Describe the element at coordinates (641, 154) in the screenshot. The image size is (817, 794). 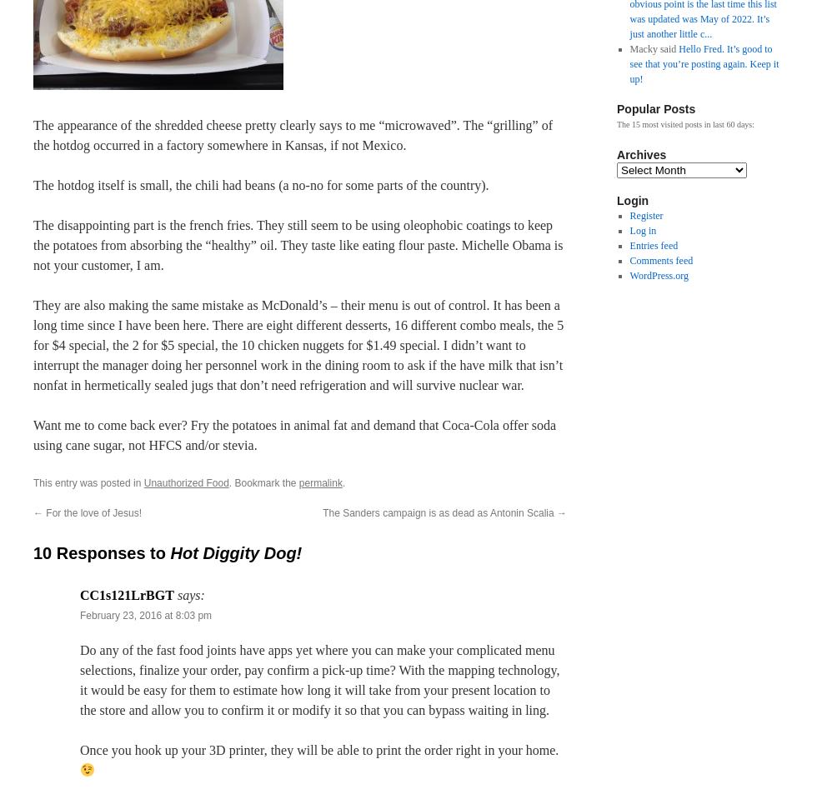
I see `'Archives'` at that location.